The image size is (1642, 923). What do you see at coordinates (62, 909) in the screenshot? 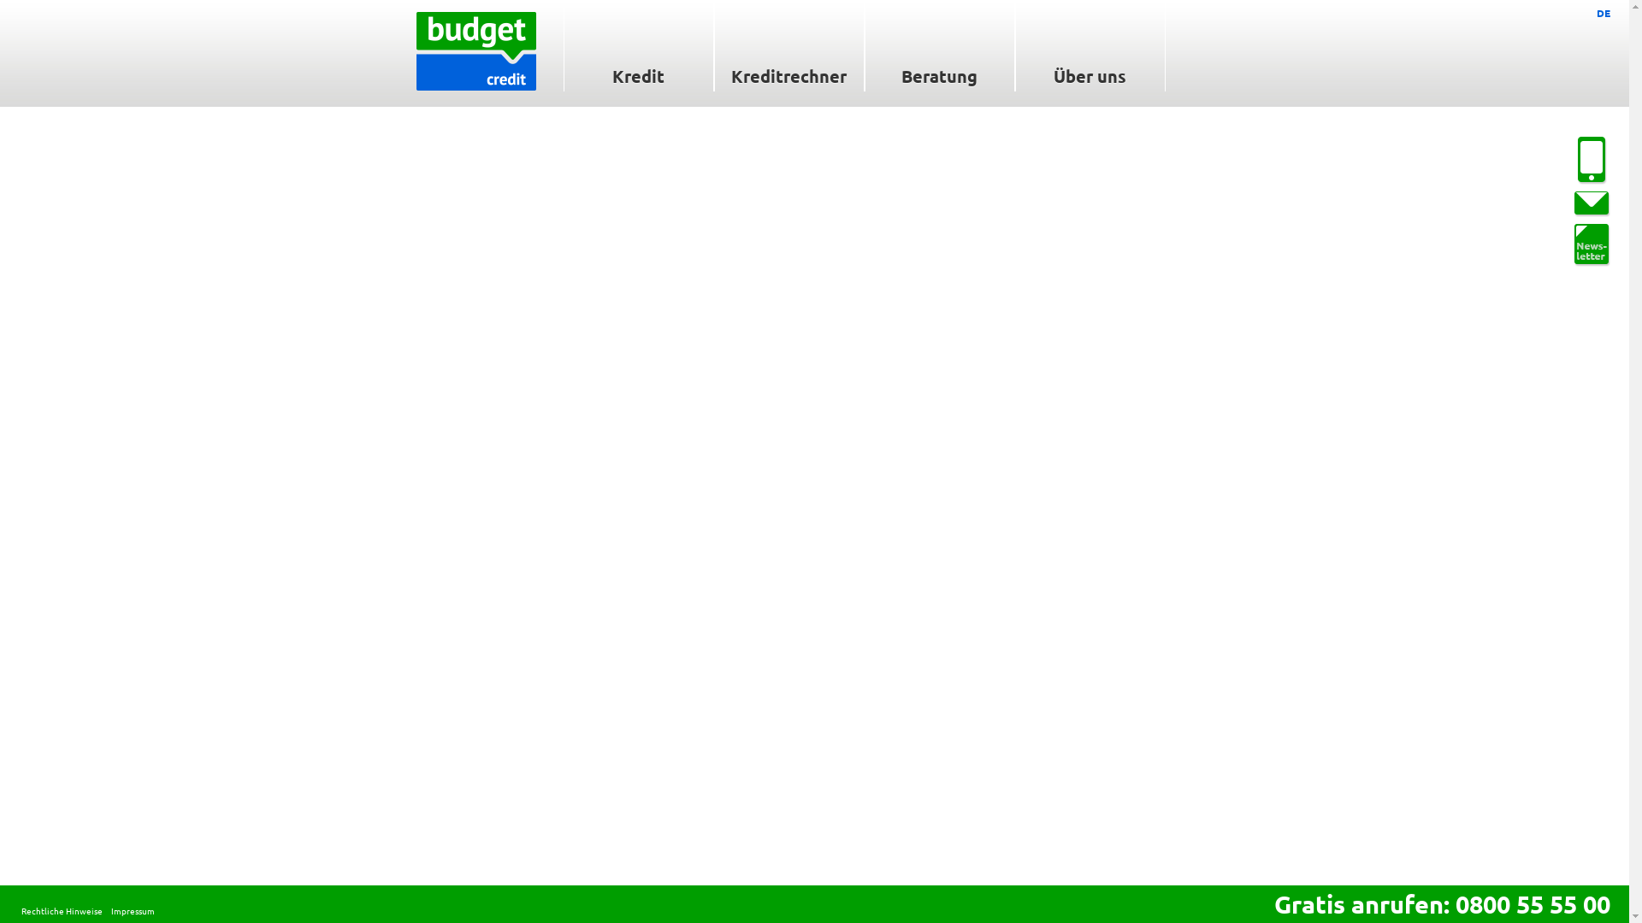
I see `'Rechtliche Hinweise'` at bounding box center [62, 909].